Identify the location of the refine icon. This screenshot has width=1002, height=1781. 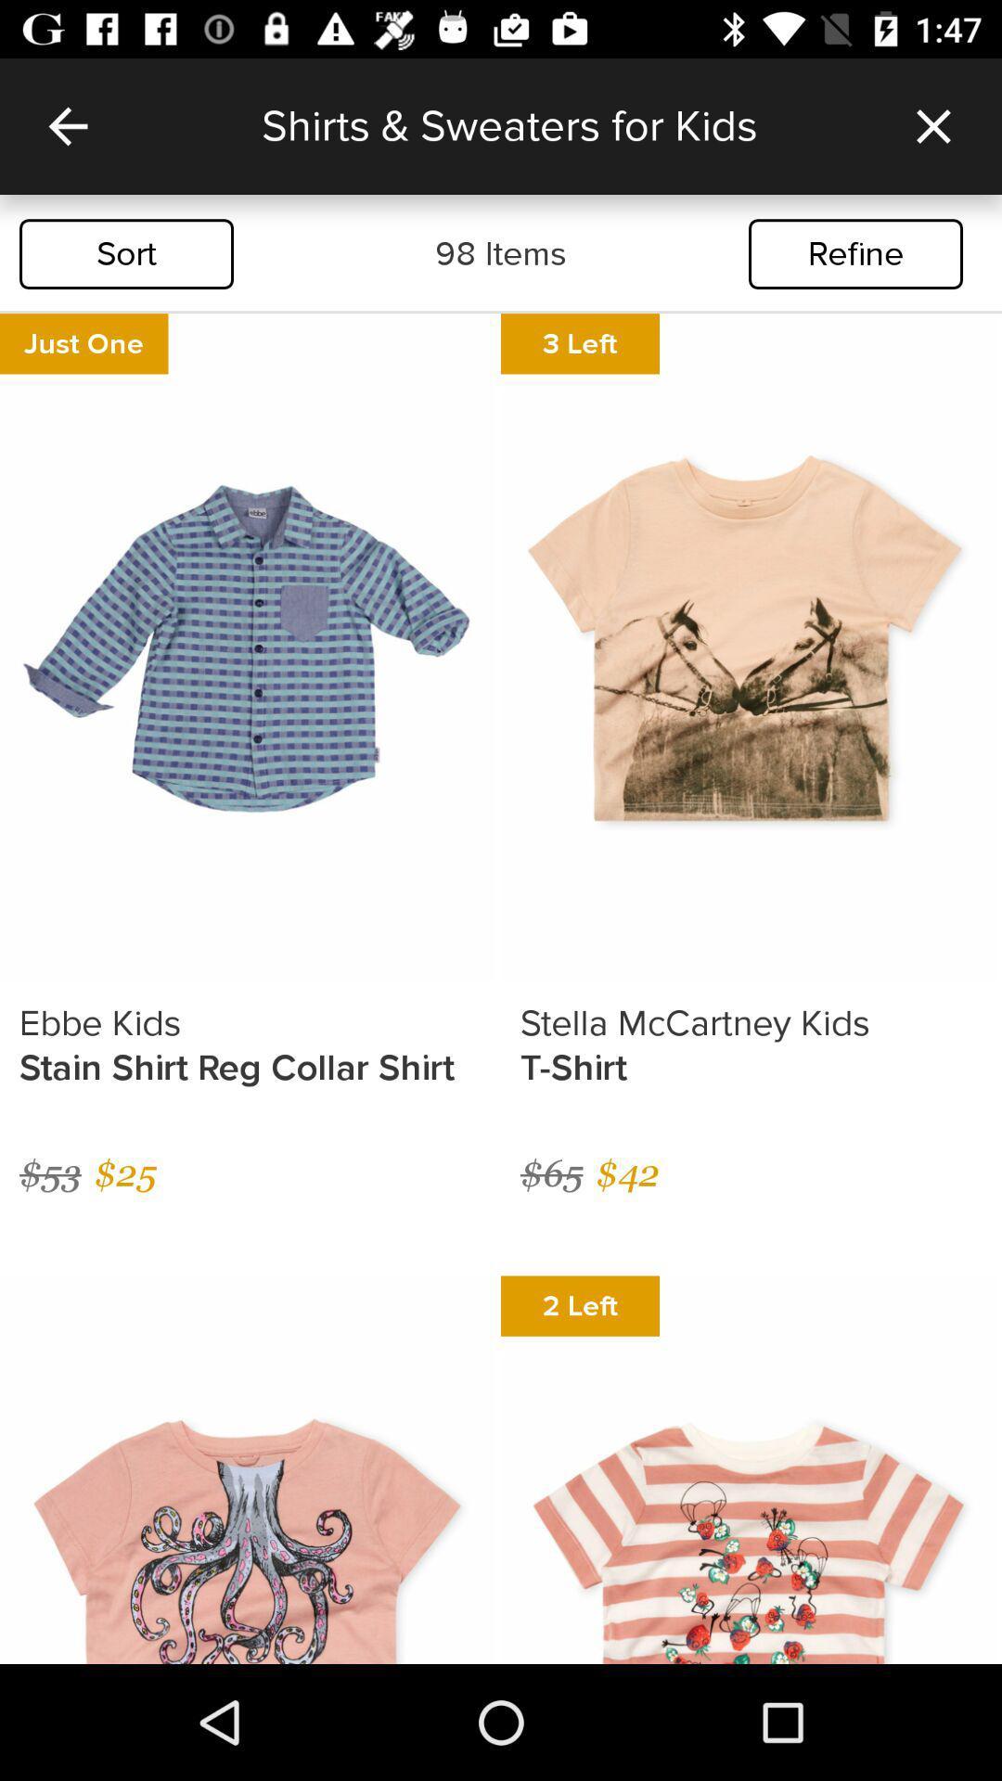
(855, 253).